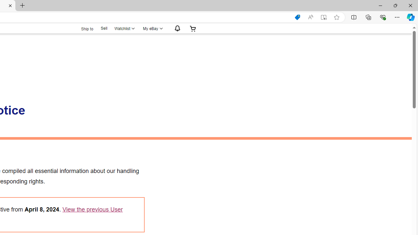 This screenshot has height=235, width=418. Describe the element at coordinates (324, 17) in the screenshot. I see `'Enter Immersive Reader (F9)'` at that location.